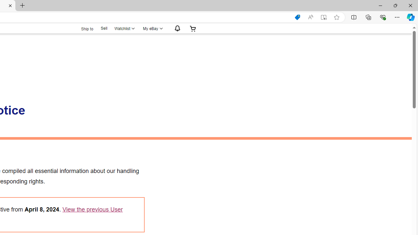 This screenshot has height=235, width=418. Describe the element at coordinates (324, 17) in the screenshot. I see `'Enter Immersive Reader (F9)'` at that location.